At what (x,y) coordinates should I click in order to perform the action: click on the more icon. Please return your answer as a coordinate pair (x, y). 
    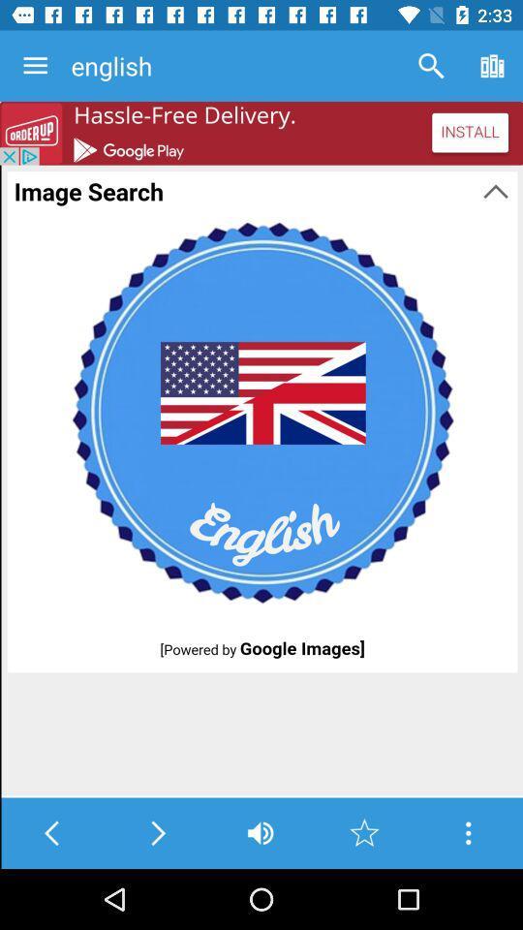
    Looking at the image, I should click on (467, 832).